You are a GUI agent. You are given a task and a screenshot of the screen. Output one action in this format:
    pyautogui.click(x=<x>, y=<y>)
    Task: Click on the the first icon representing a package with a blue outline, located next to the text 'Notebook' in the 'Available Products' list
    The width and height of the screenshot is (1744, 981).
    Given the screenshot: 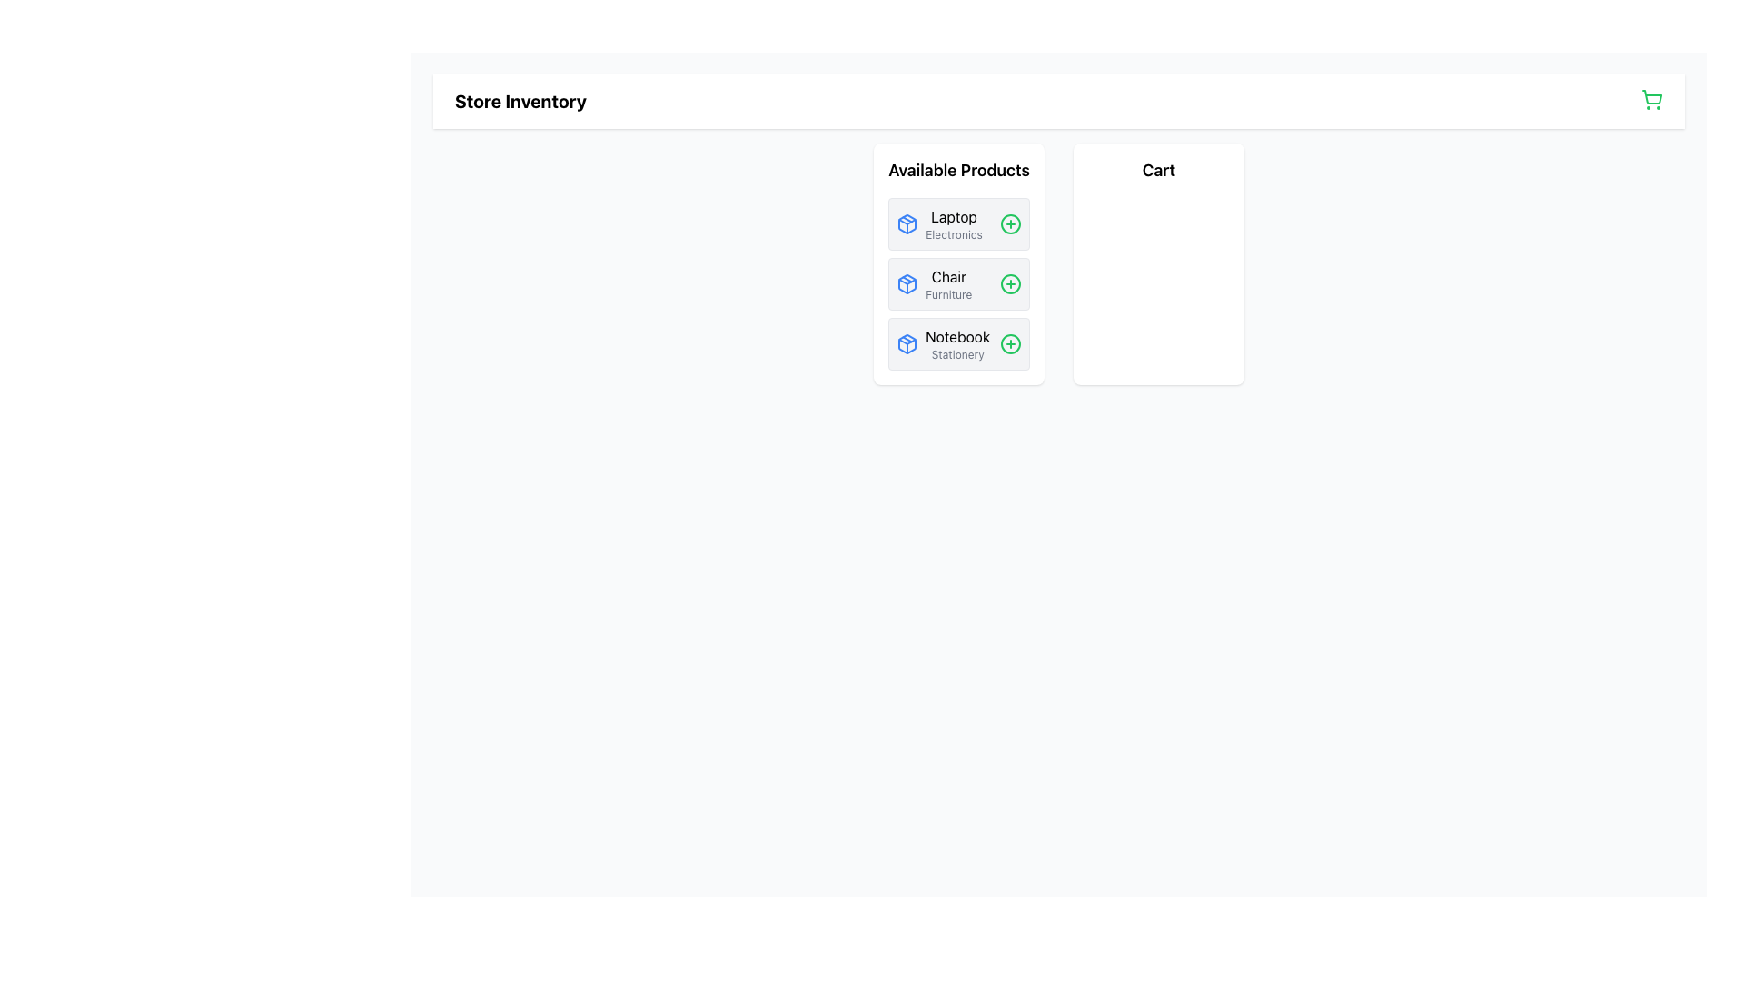 What is the action you would take?
    pyautogui.click(x=907, y=223)
    